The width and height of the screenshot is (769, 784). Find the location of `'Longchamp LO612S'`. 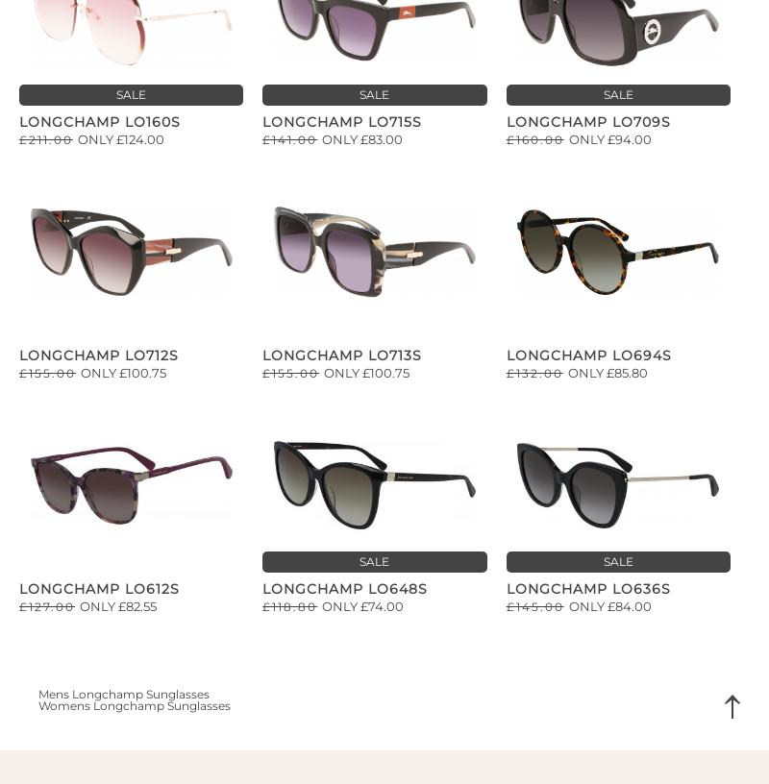

'Longchamp LO612S' is located at coordinates (98, 588).